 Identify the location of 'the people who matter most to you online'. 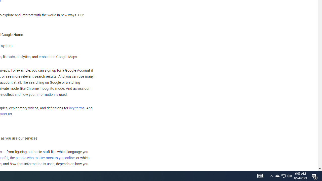
(42, 158).